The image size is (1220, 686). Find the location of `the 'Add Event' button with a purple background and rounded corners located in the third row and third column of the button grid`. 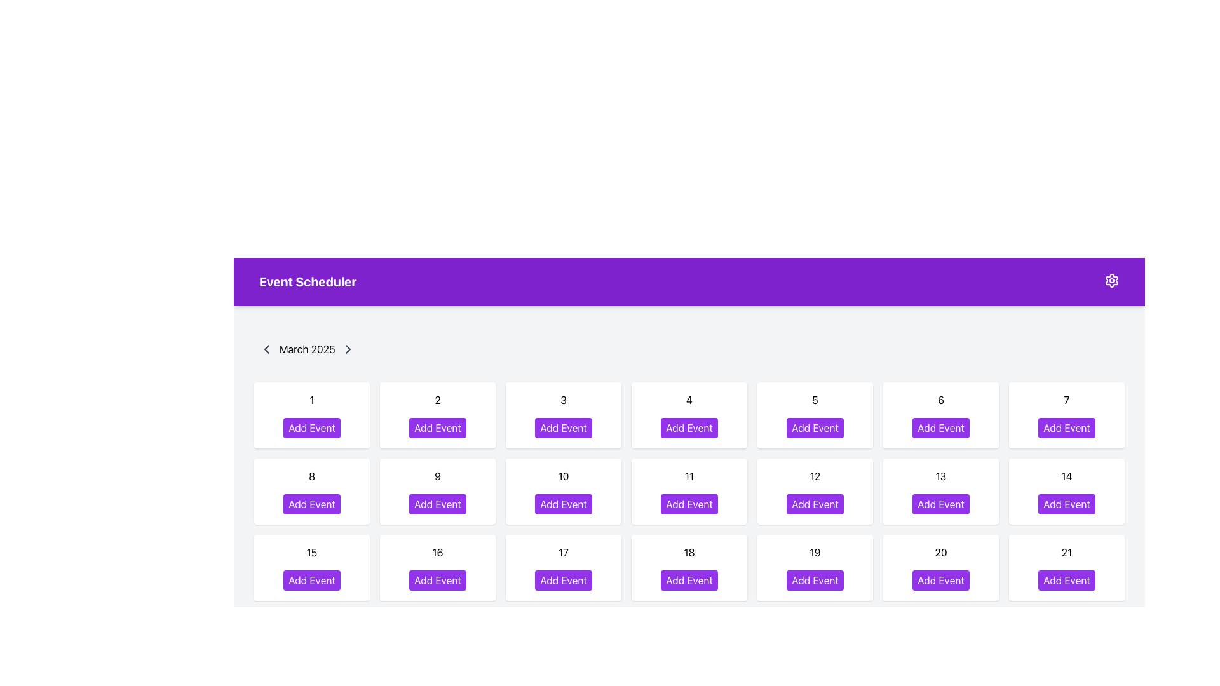

the 'Add Event' button with a purple background and rounded corners located in the third row and third column of the button grid is located at coordinates (941, 504).